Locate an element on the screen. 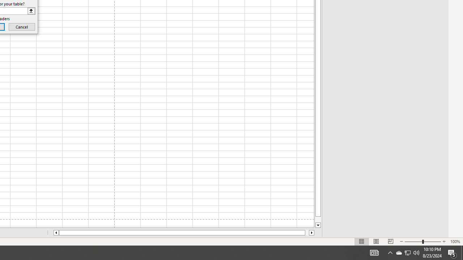 This screenshot has width=463, height=260. 'Column left' is located at coordinates (55, 233).